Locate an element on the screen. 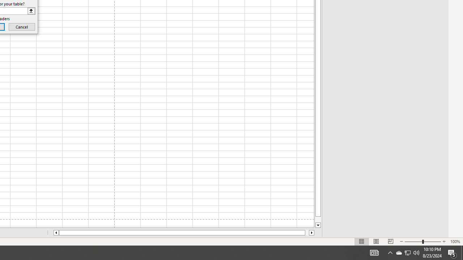 This screenshot has width=463, height=260. 'Column left' is located at coordinates (55, 233).